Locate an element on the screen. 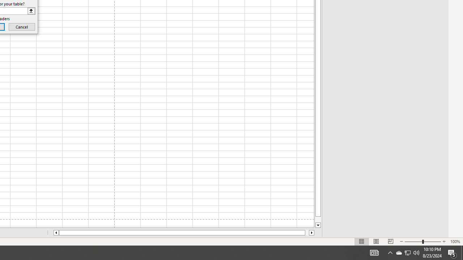 This screenshot has width=463, height=260. 'Column left' is located at coordinates (55, 233).